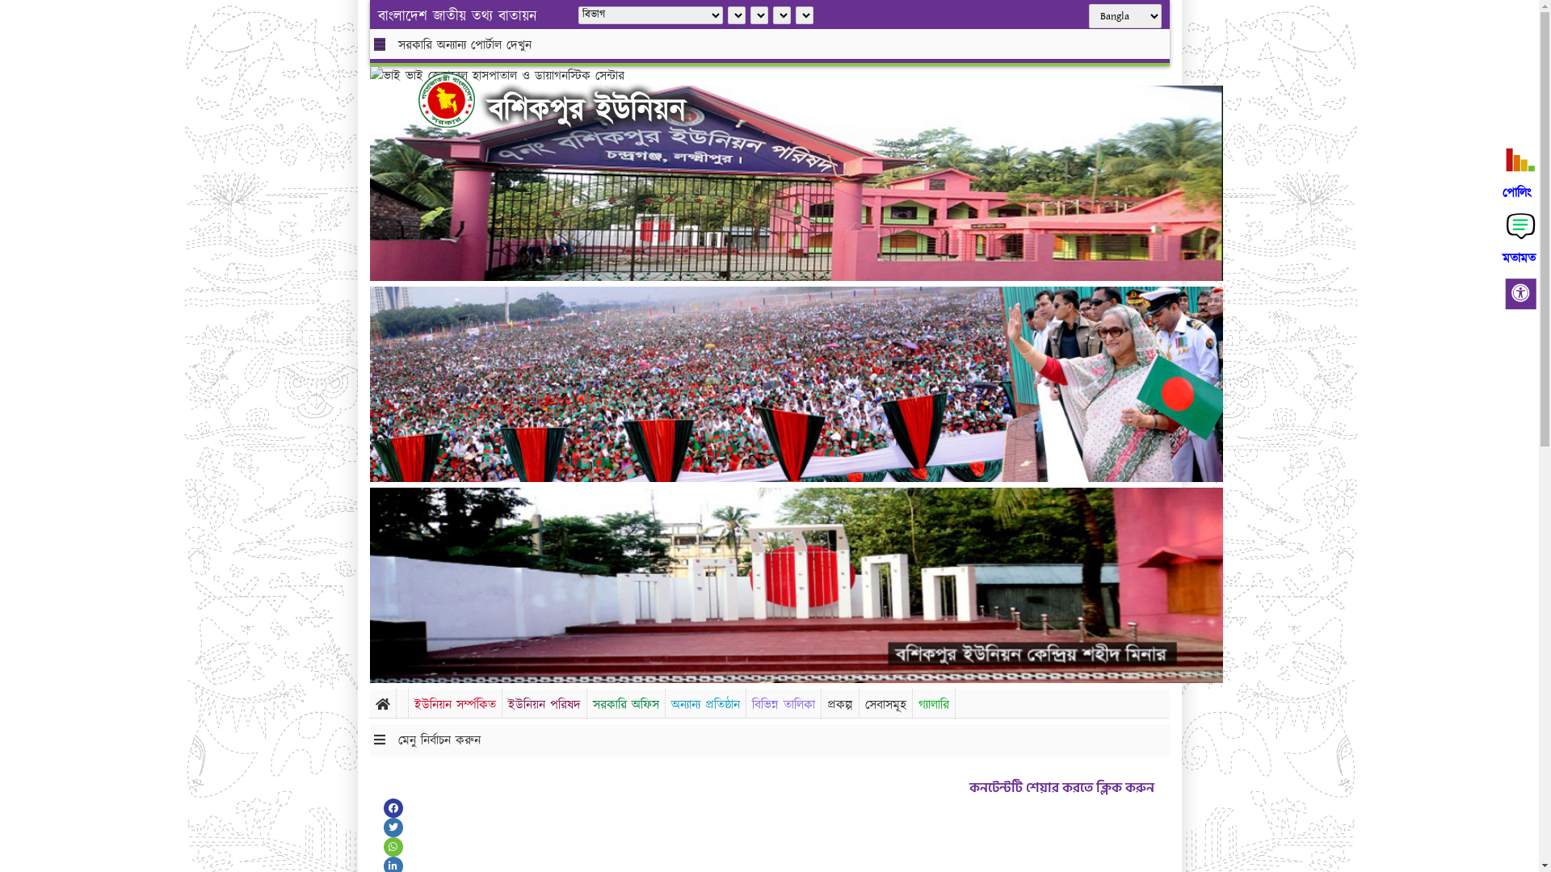 Image resolution: width=1551 pixels, height=872 pixels. I want to click on ', so click(418, 99).